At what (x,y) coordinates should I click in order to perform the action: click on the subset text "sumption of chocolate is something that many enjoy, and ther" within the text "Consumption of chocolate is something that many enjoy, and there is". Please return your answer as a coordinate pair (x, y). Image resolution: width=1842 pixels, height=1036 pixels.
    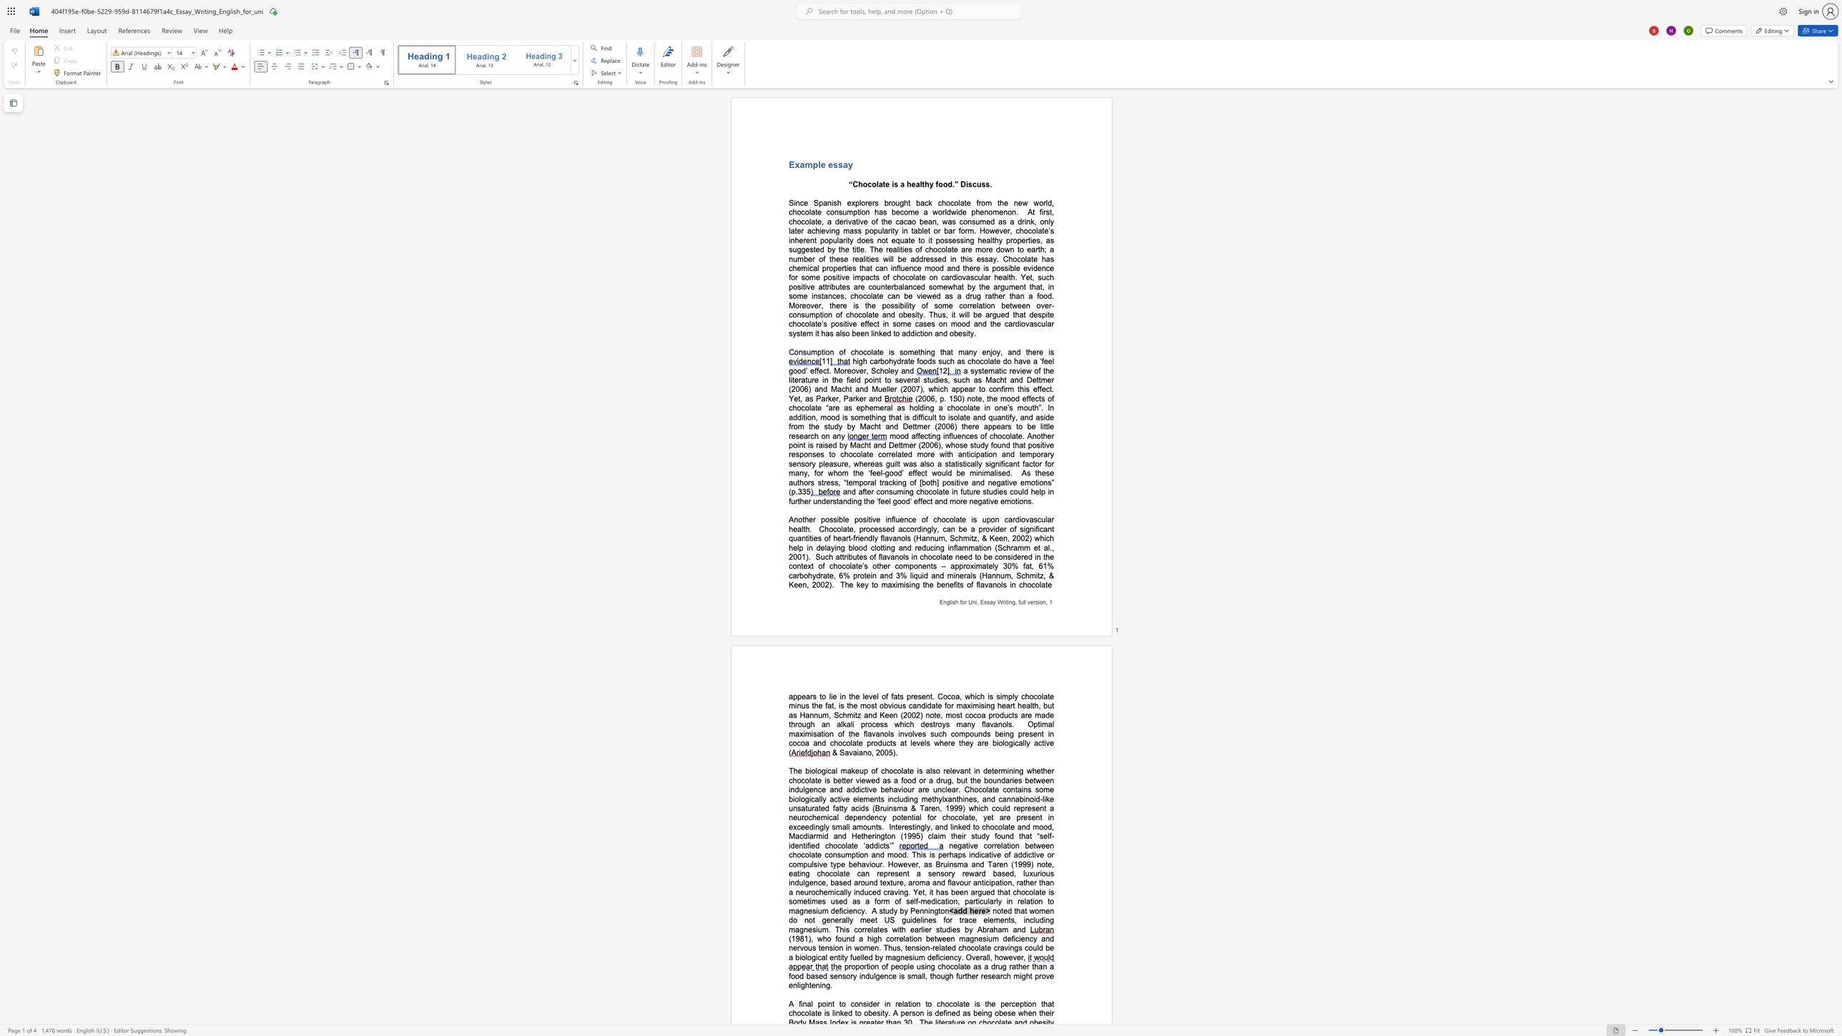
    Looking at the image, I should click on (802, 352).